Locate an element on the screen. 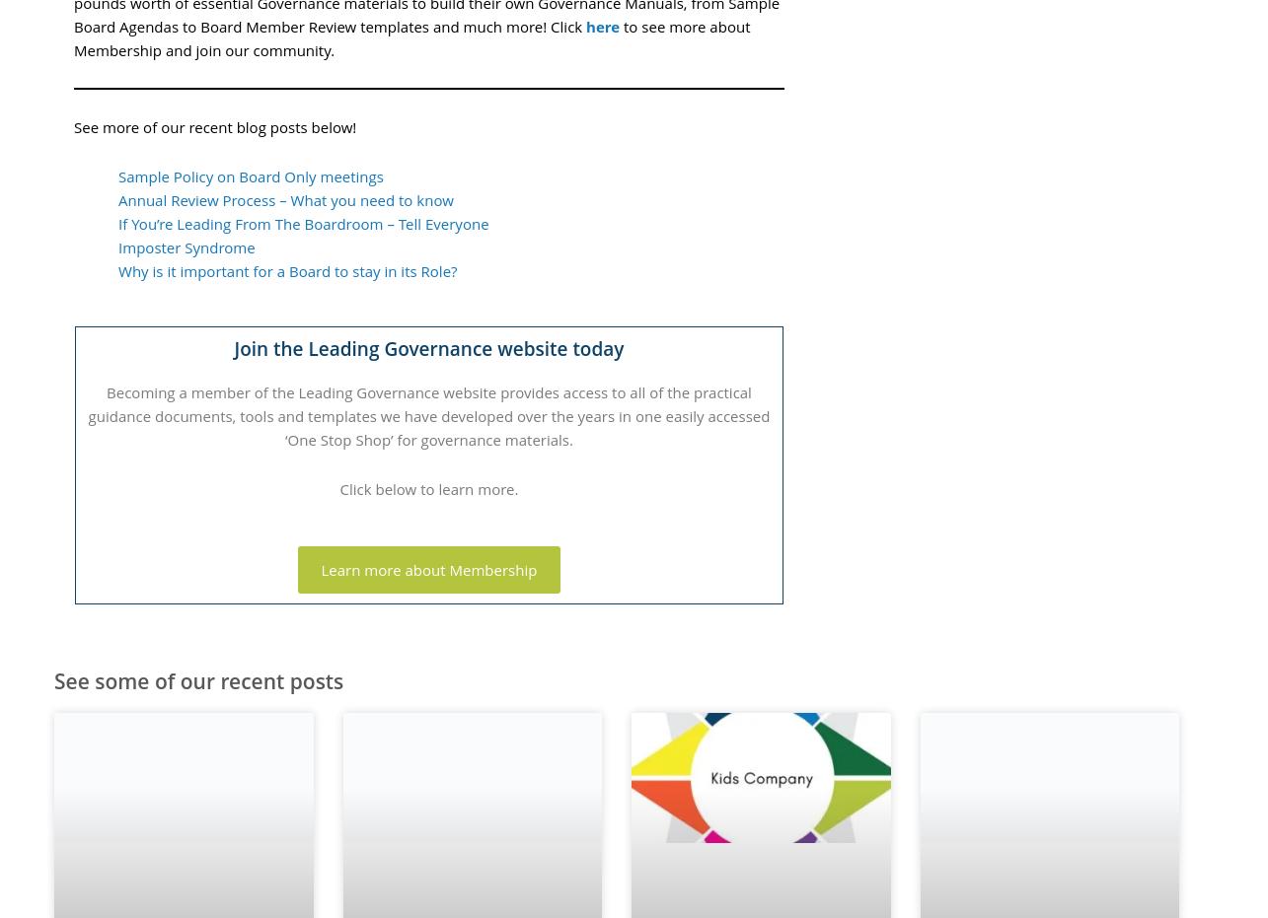 The width and height of the screenshot is (1268, 918). 'Imposter Syndrome' is located at coordinates (186, 247).